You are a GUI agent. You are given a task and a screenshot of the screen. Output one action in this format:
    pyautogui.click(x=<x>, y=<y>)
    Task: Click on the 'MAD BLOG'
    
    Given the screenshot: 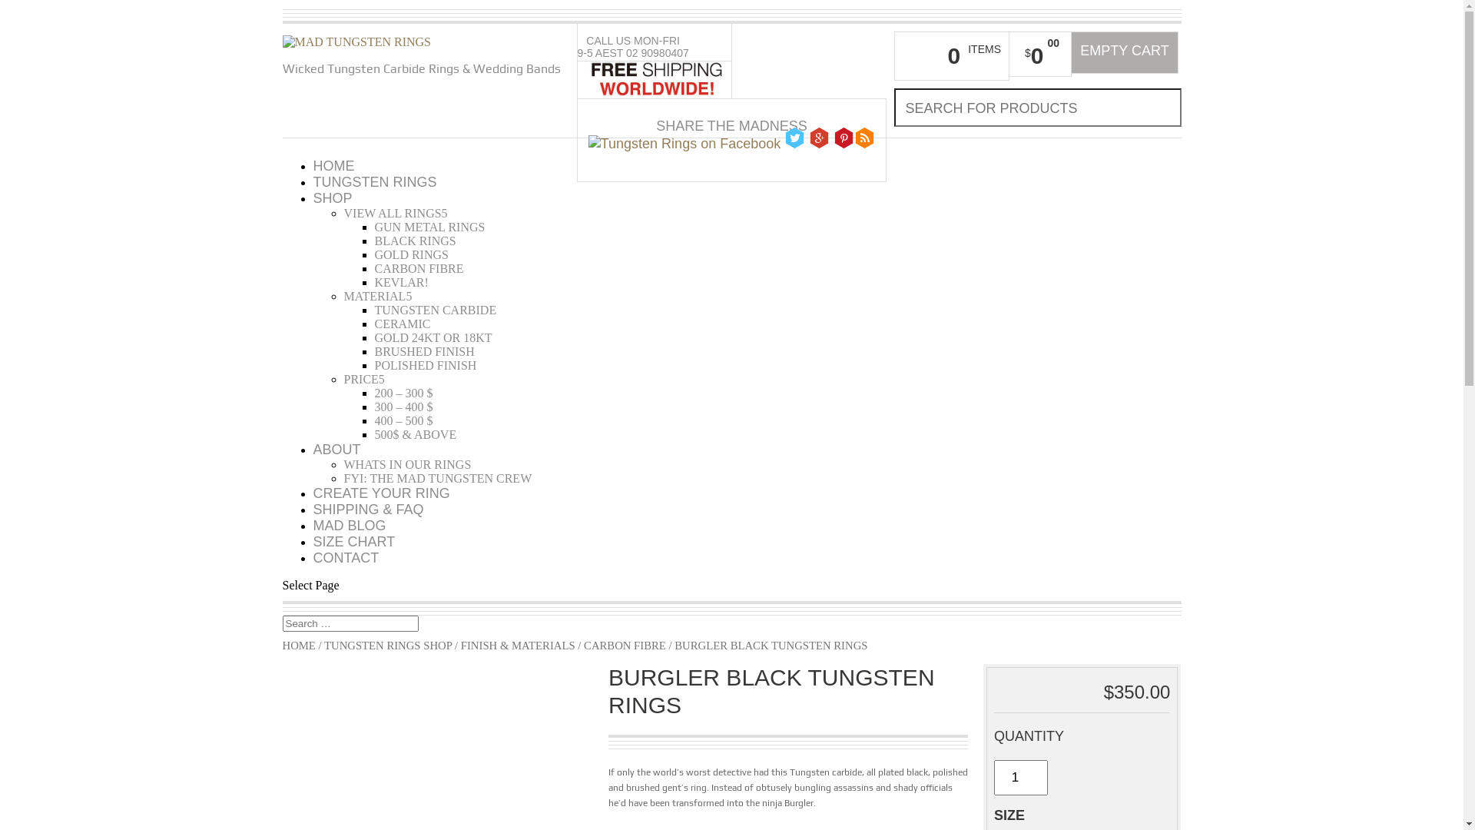 What is the action you would take?
    pyautogui.click(x=313, y=524)
    